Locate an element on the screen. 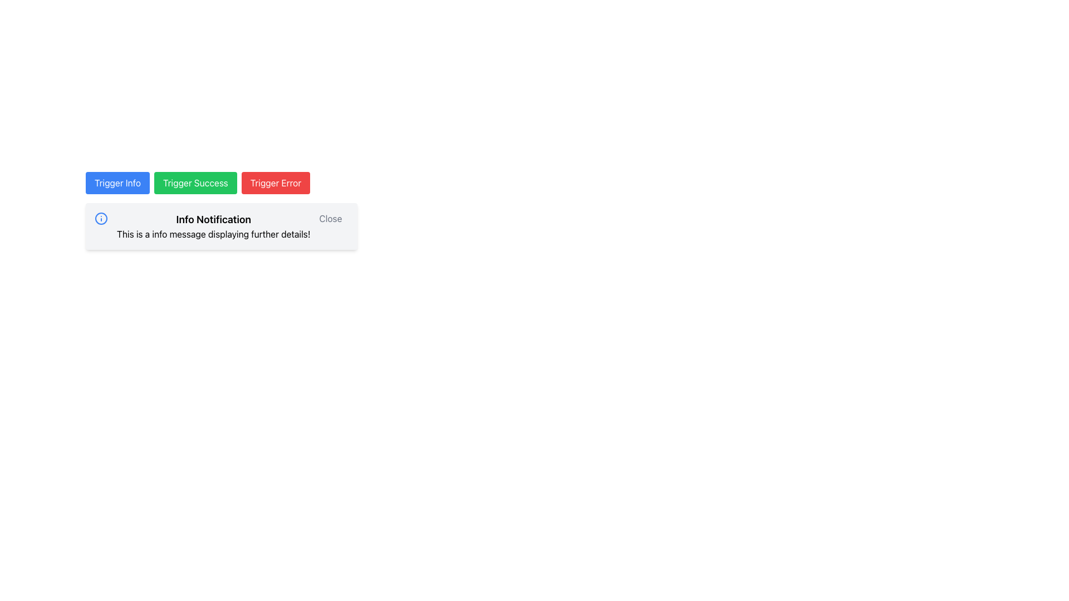 This screenshot has height=601, width=1069. the 'Trigger Success' button located between the 'Trigger Info' button and the 'Trigger Error' button is located at coordinates (195, 182).